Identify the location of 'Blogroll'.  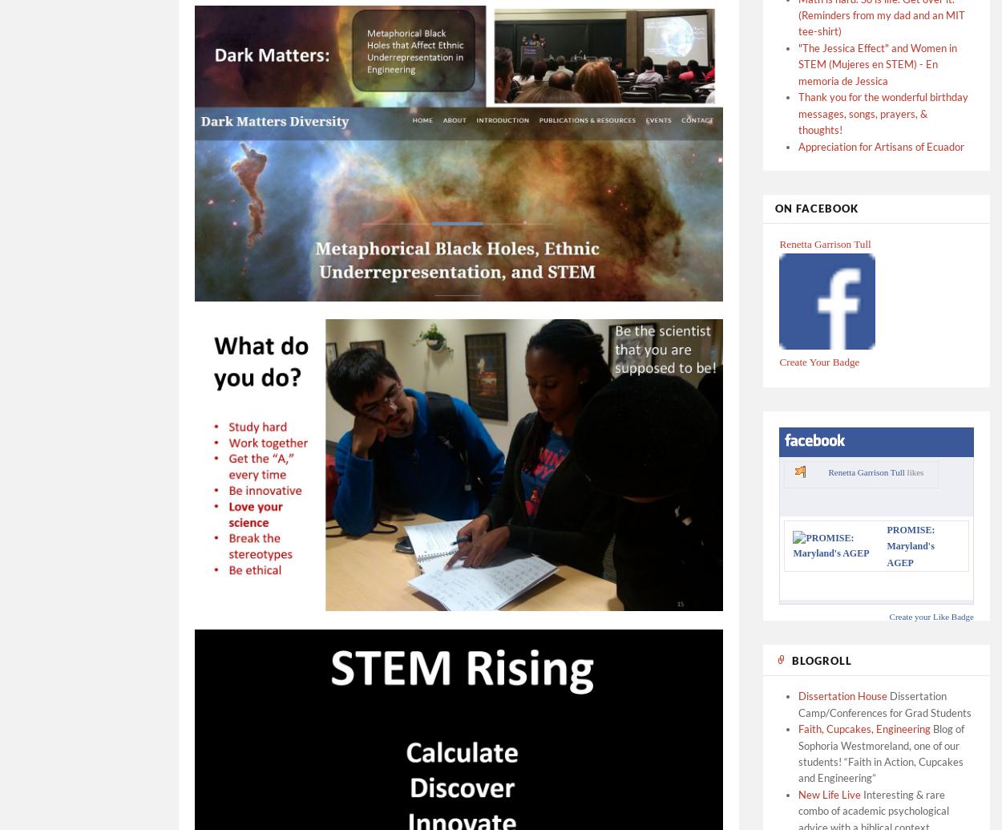
(791, 659).